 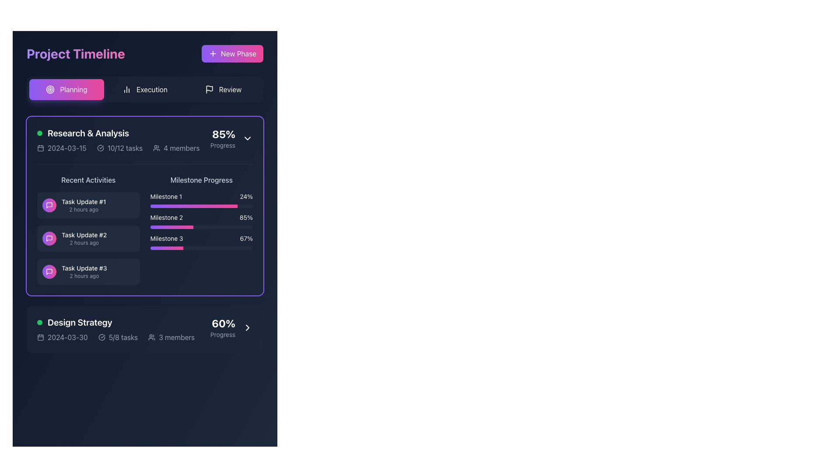 What do you see at coordinates (50, 89) in the screenshot?
I see `the second concentric circle of the 'lucide-target' SVG icon located in the 'Planning' tab, which is a non-interactive Circular SVG element` at bounding box center [50, 89].